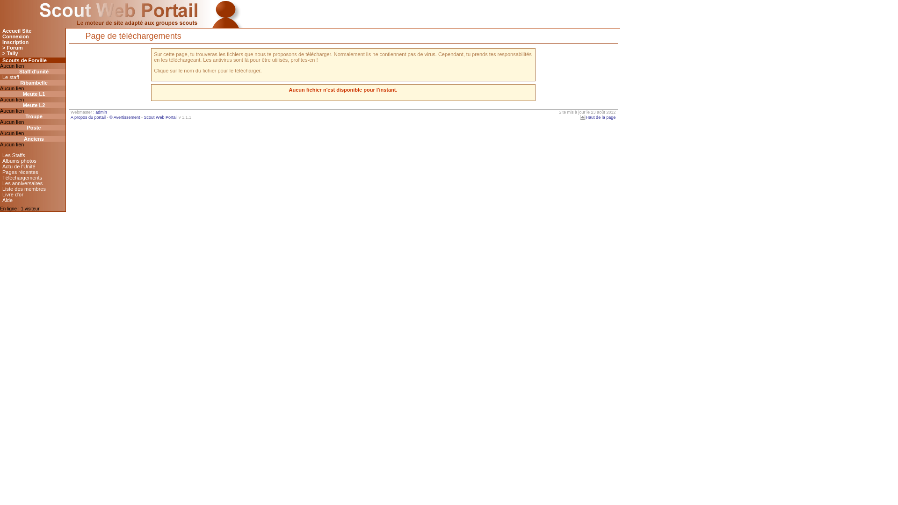 The width and height of the screenshot is (898, 505). Describe the element at coordinates (33, 200) in the screenshot. I see `'Aide'` at that location.